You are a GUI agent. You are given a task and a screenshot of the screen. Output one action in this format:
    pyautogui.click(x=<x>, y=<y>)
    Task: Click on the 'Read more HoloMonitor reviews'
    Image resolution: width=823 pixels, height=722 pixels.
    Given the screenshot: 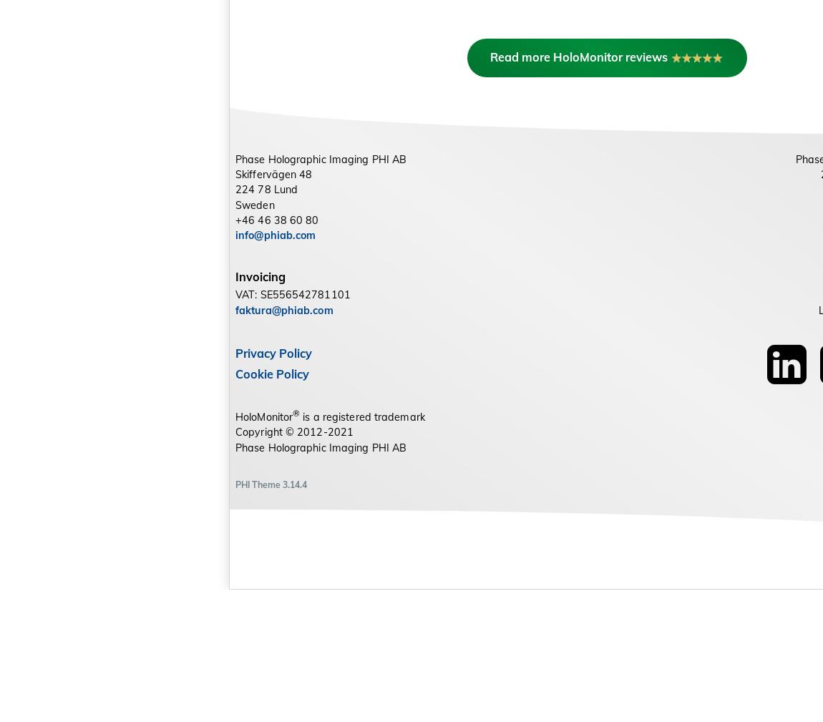 What is the action you would take?
    pyautogui.click(x=497, y=187)
    